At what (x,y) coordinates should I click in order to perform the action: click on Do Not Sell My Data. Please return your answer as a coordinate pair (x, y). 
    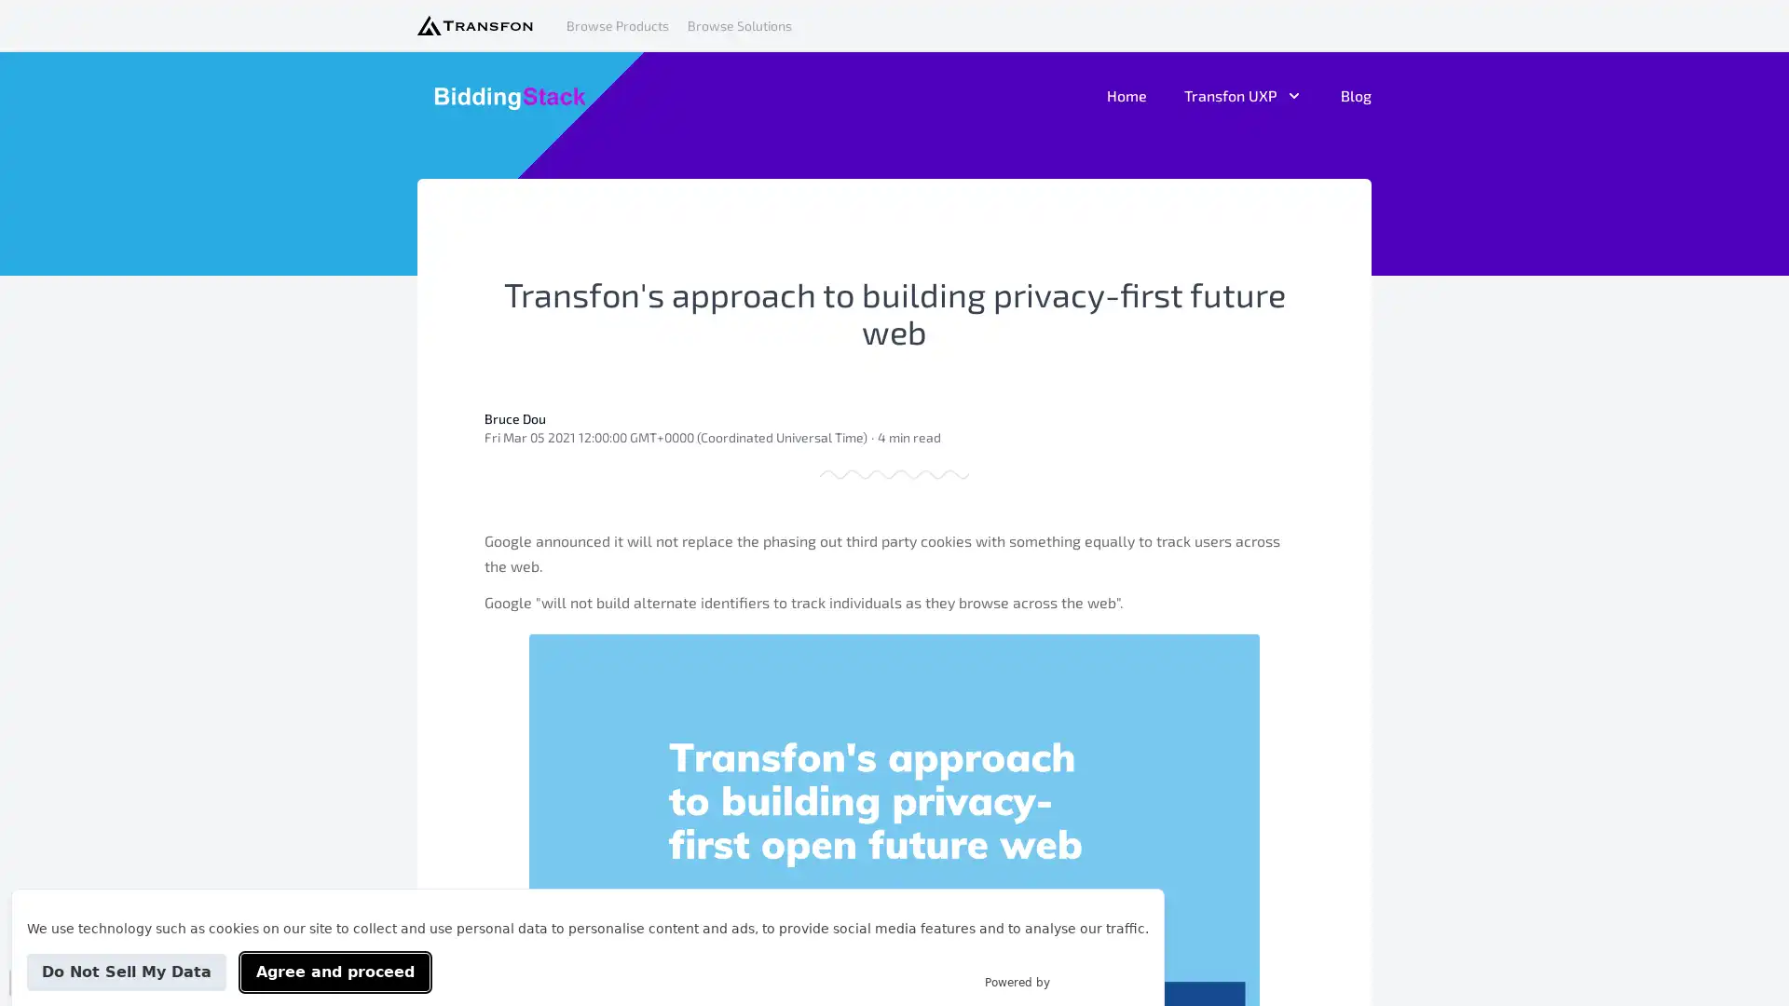
    Looking at the image, I should click on (125, 972).